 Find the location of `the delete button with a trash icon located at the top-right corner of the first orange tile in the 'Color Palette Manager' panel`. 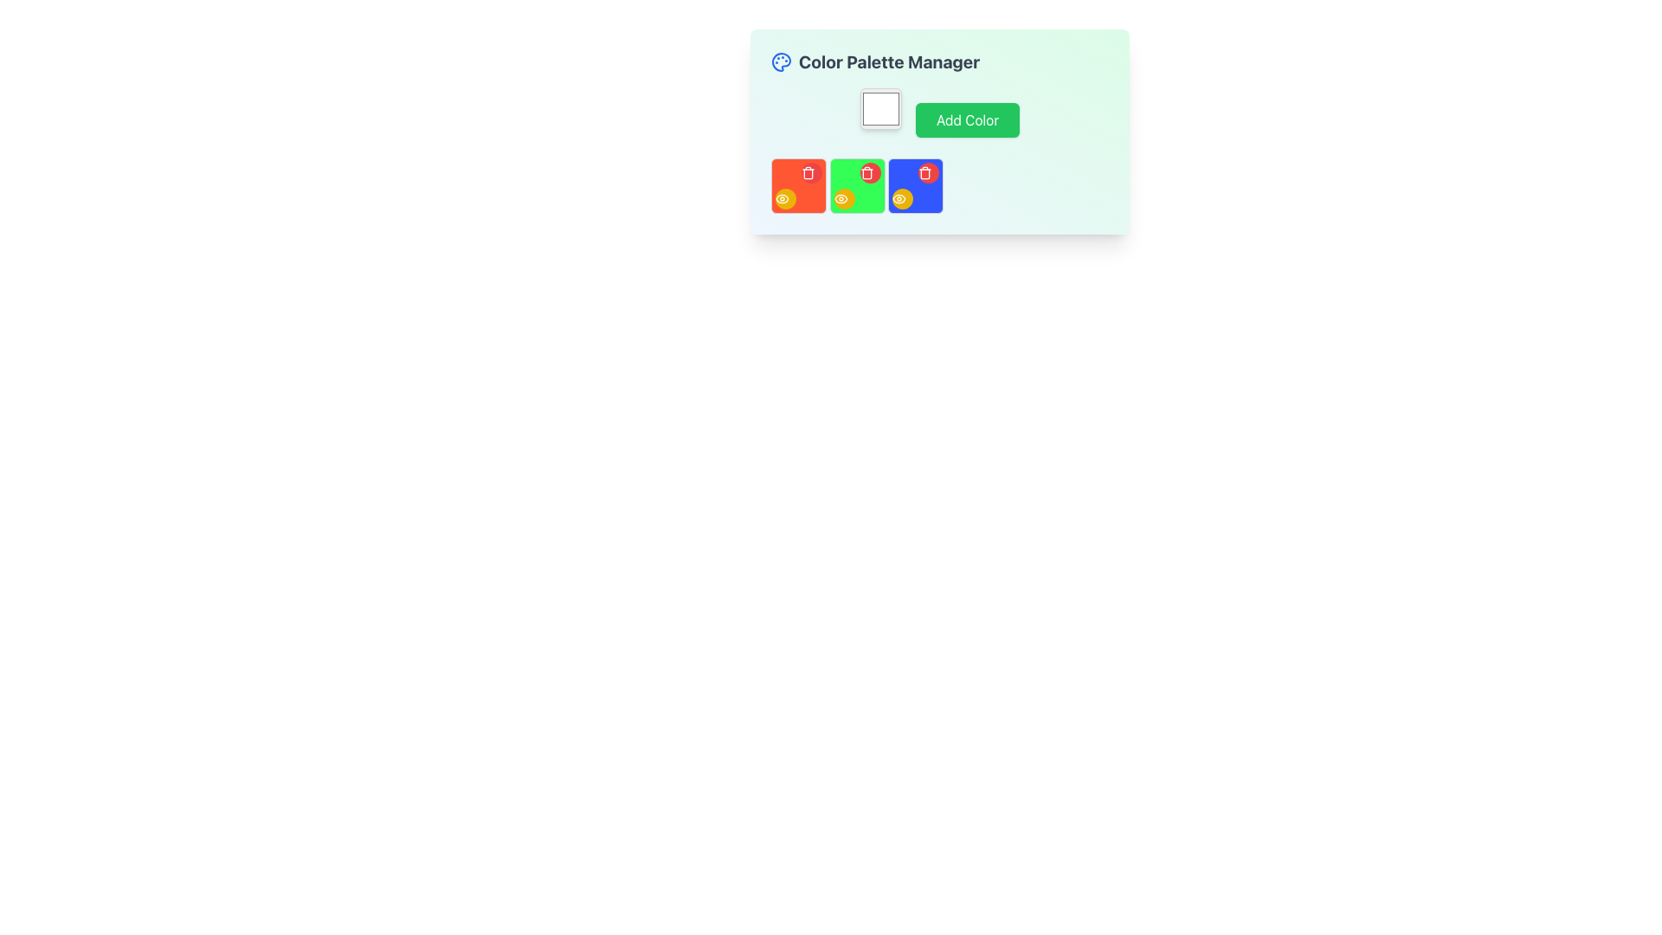

the delete button with a trash icon located at the top-right corner of the first orange tile in the 'Color Palette Manager' panel is located at coordinates (810, 173).